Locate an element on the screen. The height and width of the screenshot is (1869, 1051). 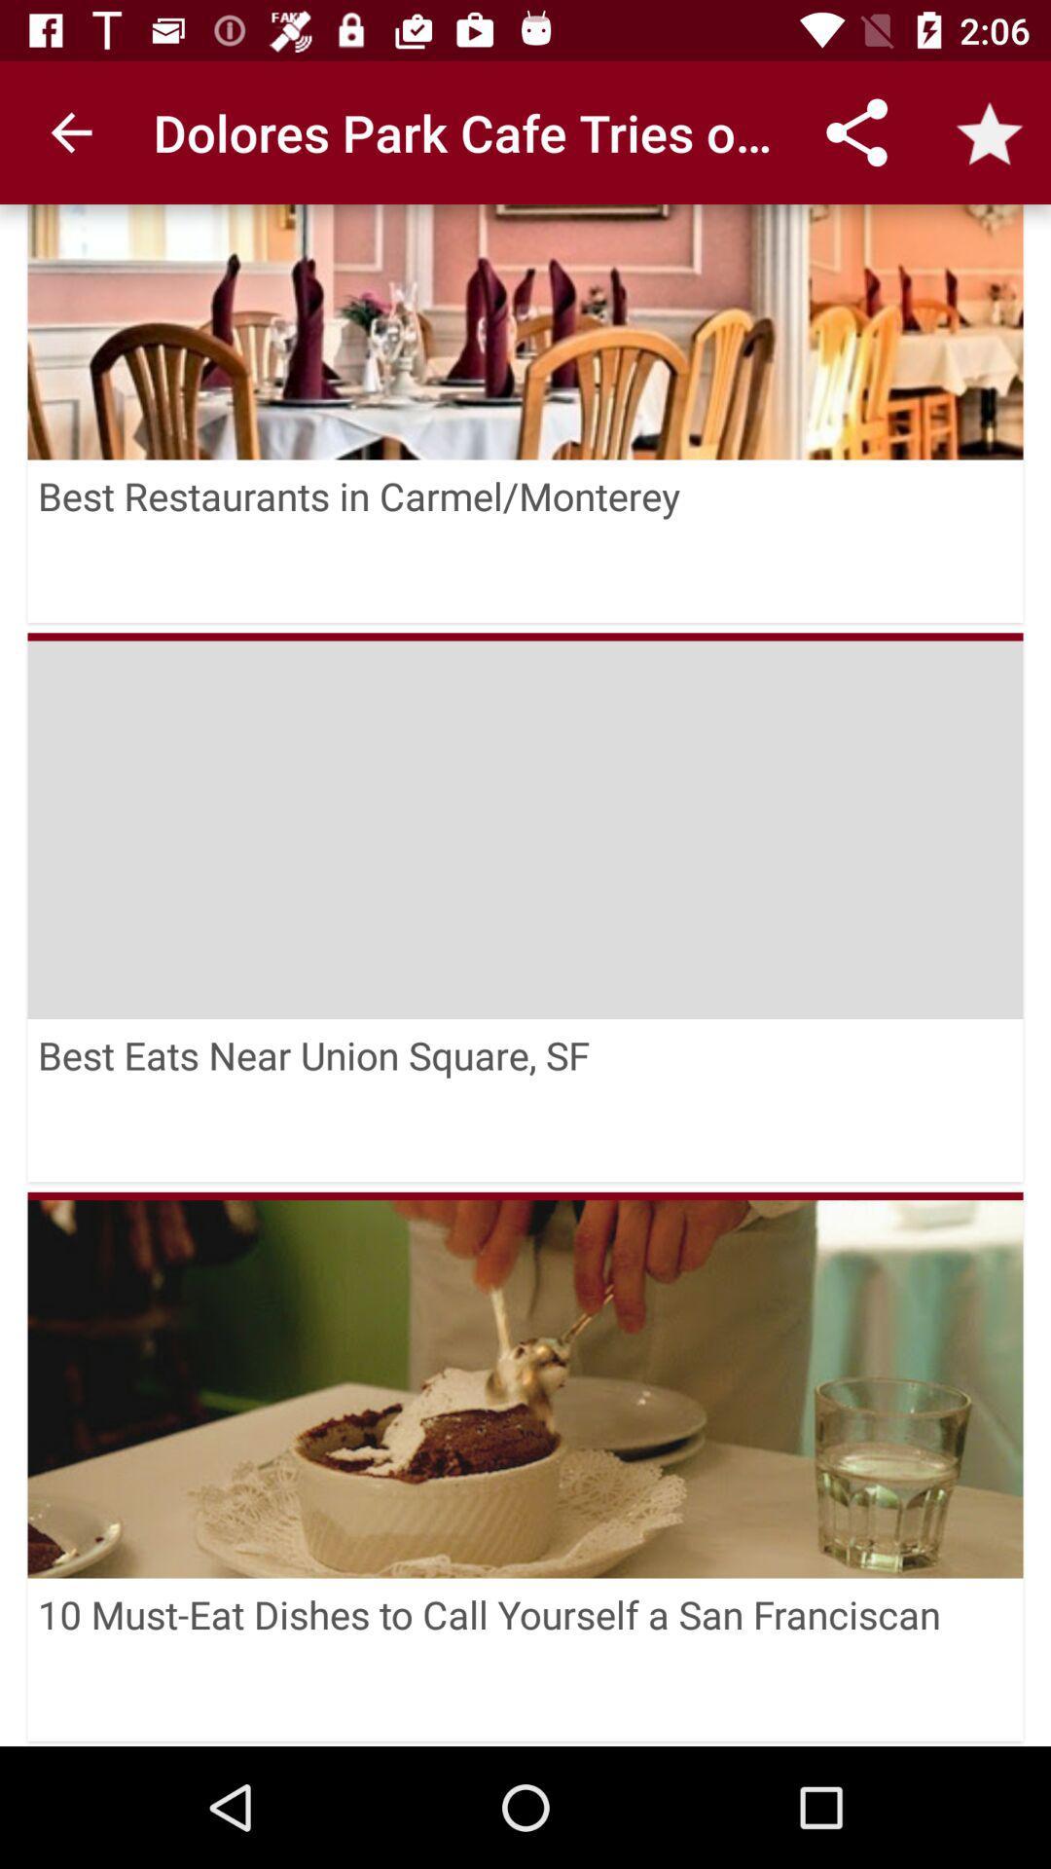
icon below the best restaurants in is located at coordinates (525, 825).